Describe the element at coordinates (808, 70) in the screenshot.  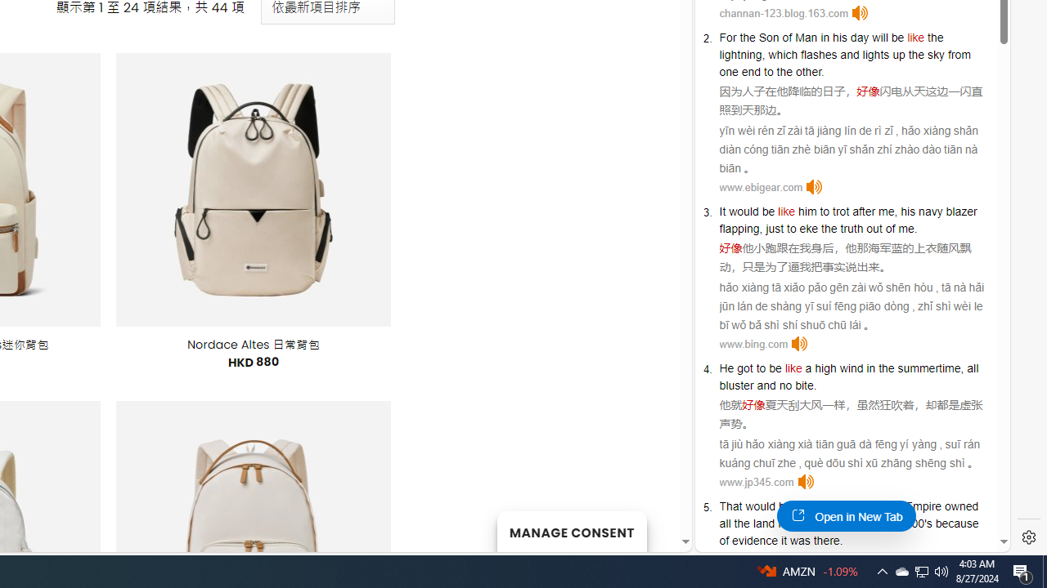
I see `'other'` at that location.